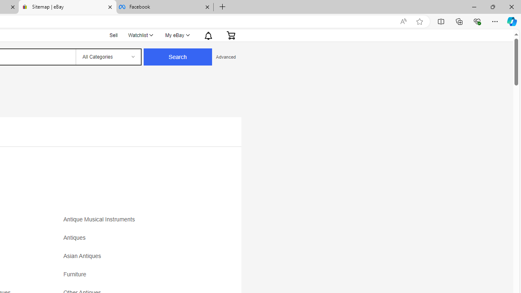 This screenshot has height=293, width=521. I want to click on 'Notification', so click(208, 35).